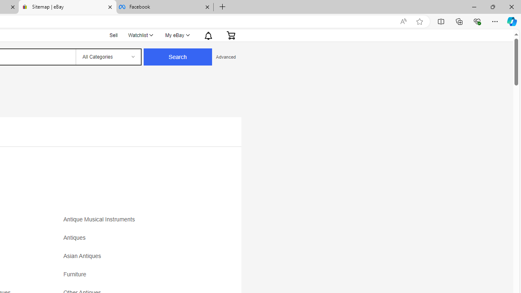 This screenshot has height=293, width=521. I want to click on 'Notification', so click(208, 35).